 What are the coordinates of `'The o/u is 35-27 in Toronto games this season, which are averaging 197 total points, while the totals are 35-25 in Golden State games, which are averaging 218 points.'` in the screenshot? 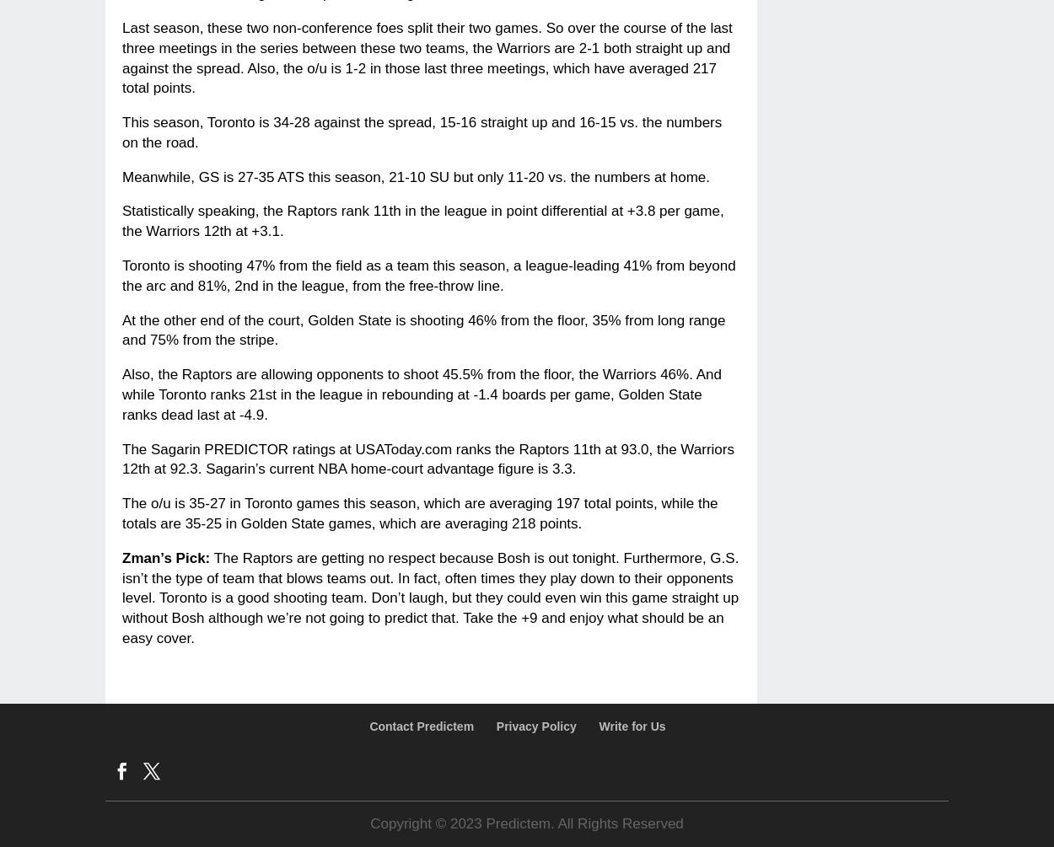 It's located at (122, 512).